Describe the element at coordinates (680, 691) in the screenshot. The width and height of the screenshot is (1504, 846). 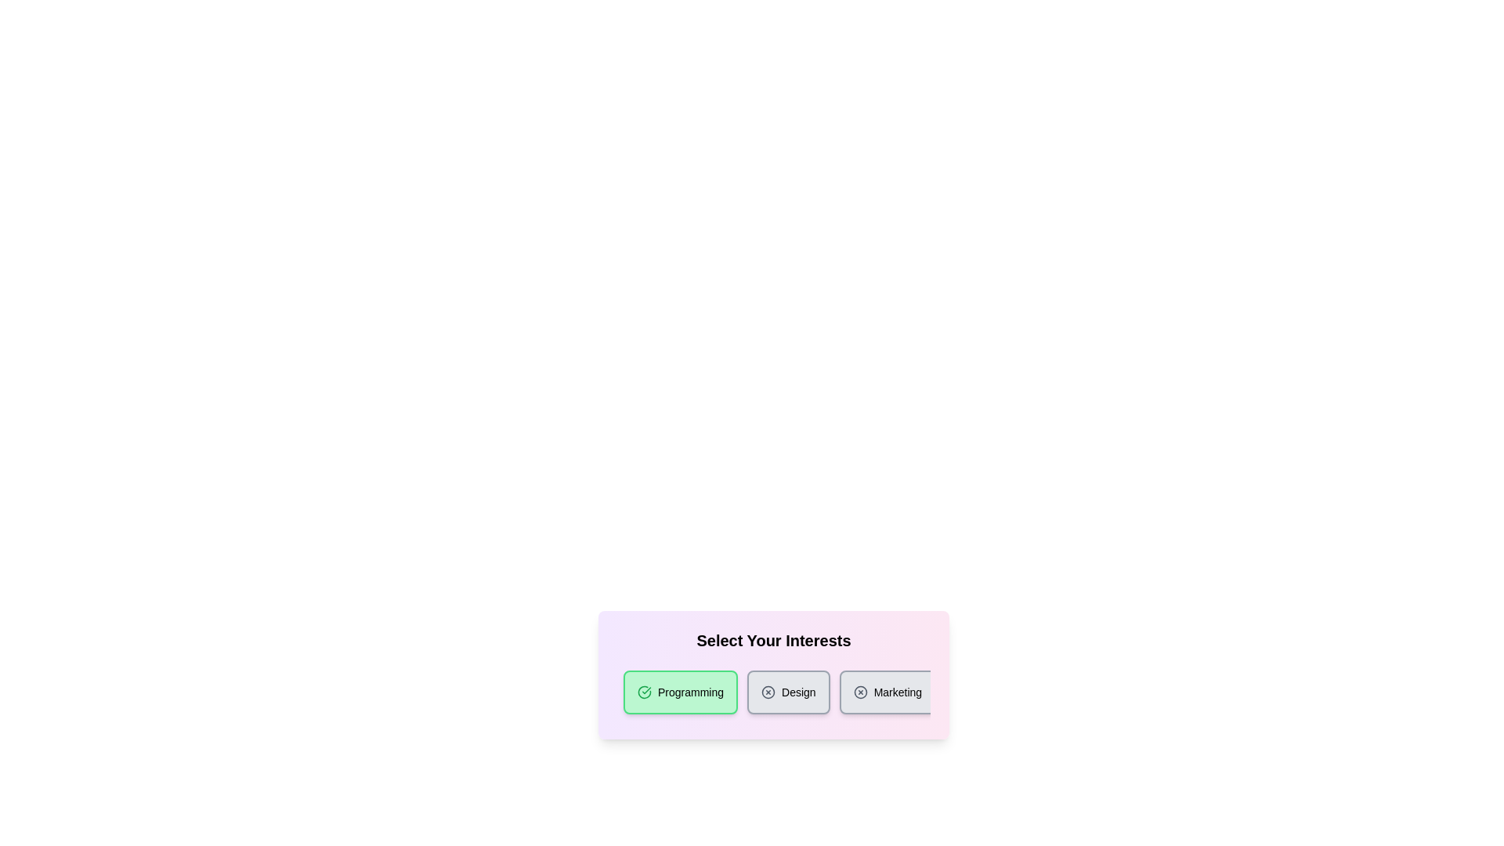
I see `the category chip labeled 'Programming'` at that location.